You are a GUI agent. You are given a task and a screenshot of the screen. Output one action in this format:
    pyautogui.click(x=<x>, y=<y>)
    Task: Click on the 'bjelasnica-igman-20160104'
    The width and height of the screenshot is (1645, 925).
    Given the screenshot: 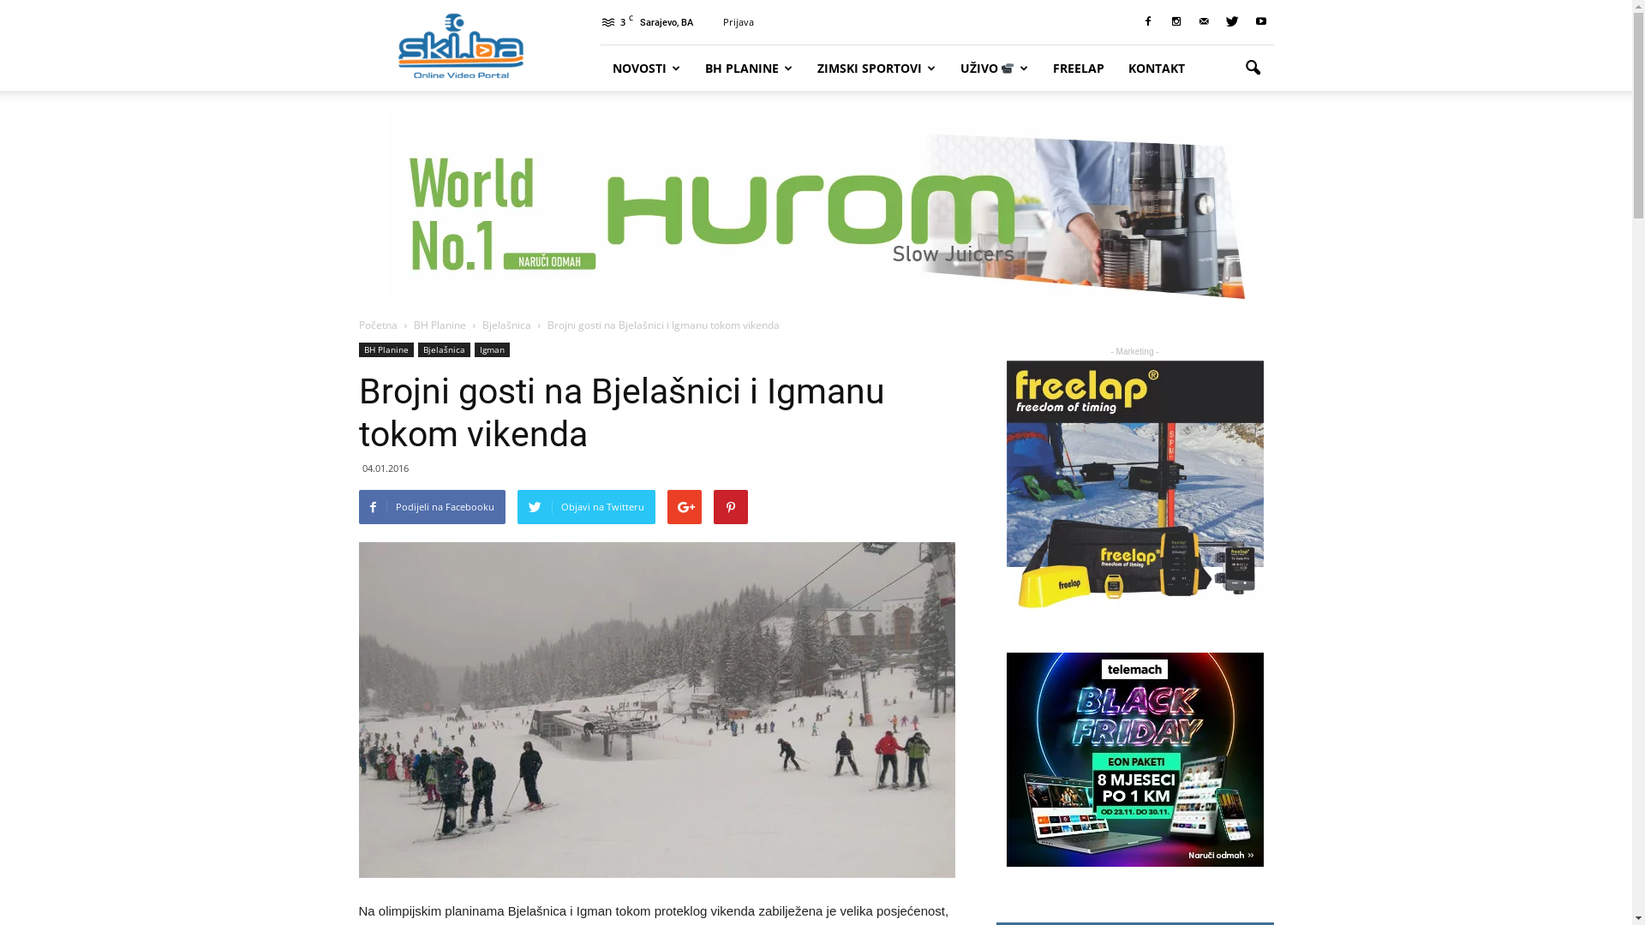 What is the action you would take?
    pyautogui.click(x=655, y=710)
    